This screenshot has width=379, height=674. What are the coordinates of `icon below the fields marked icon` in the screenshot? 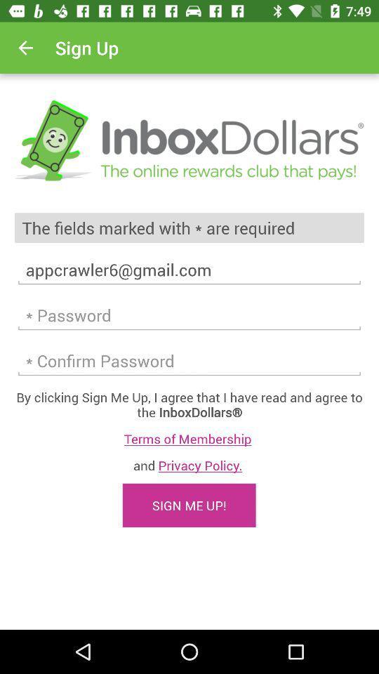 It's located at (189, 269).